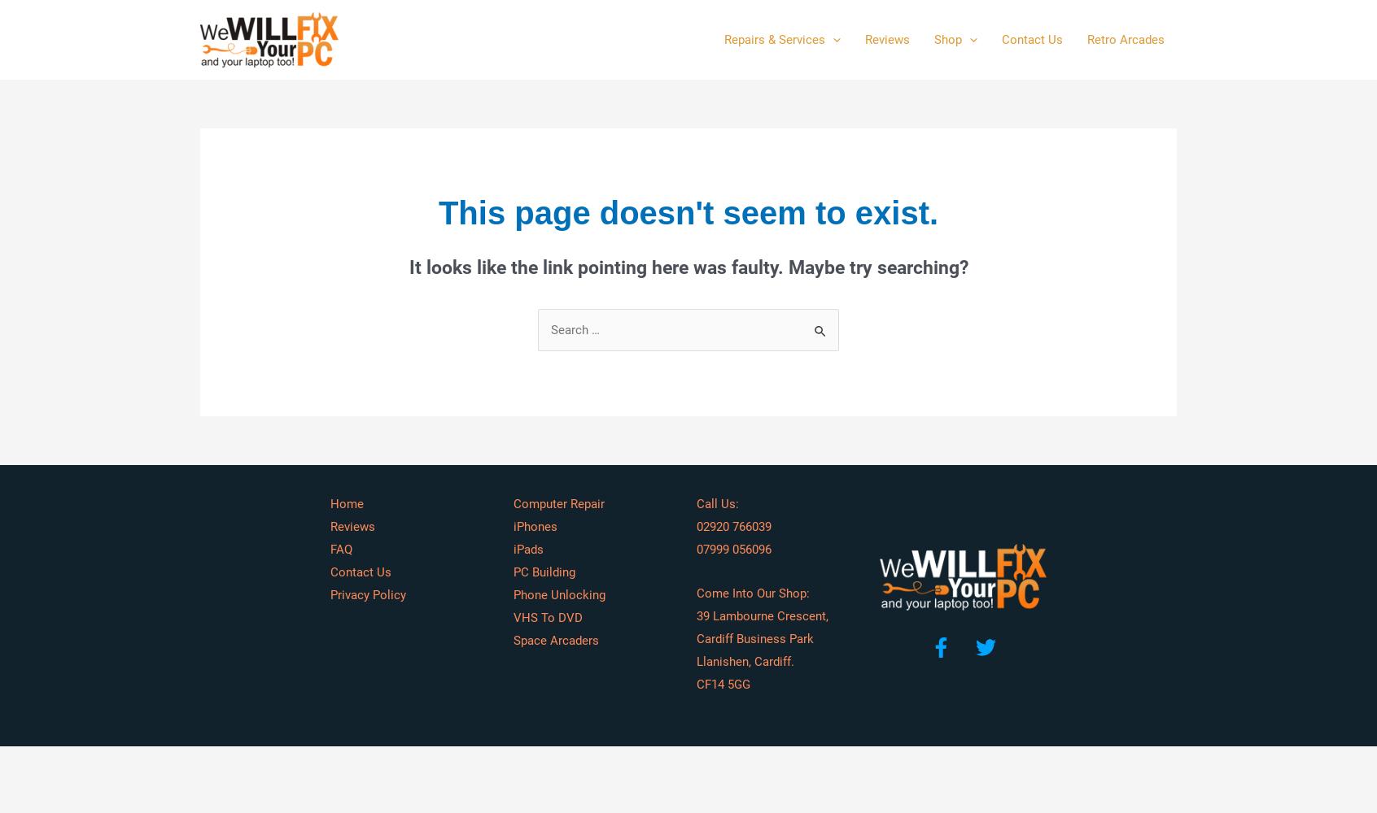 This screenshot has width=1377, height=813. What do you see at coordinates (695, 527) in the screenshot?
I see `'02920 766039'` at bounding box center [695, 527].